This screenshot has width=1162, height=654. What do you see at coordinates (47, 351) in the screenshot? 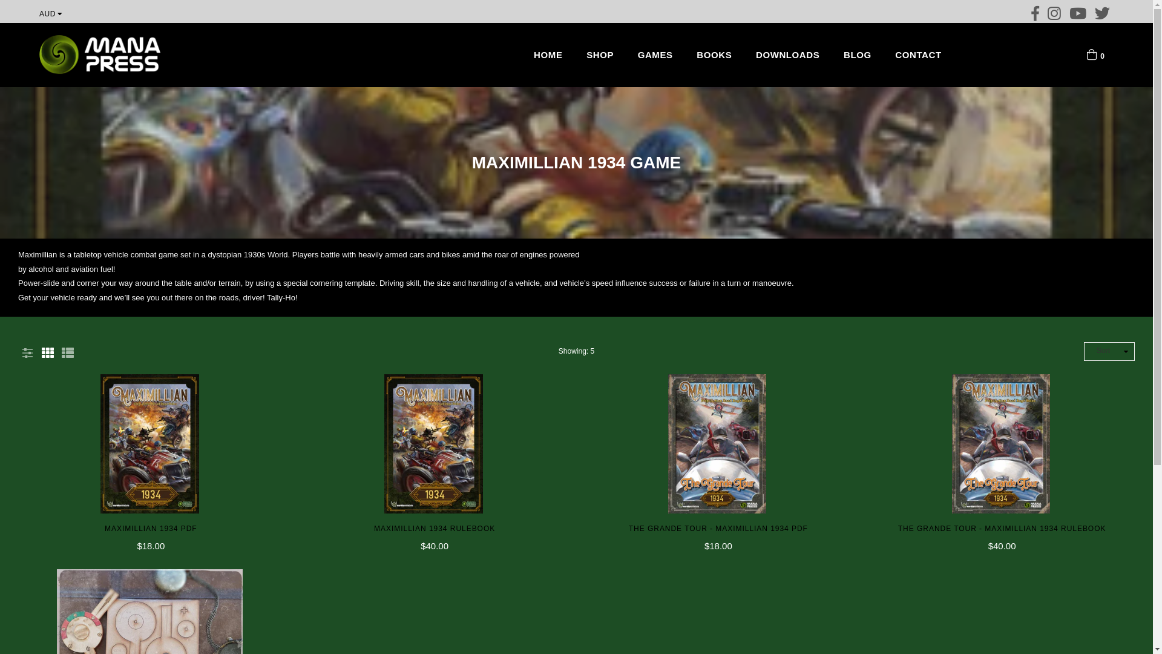
I see `'Grid View'` at bounding box center [47, 351].